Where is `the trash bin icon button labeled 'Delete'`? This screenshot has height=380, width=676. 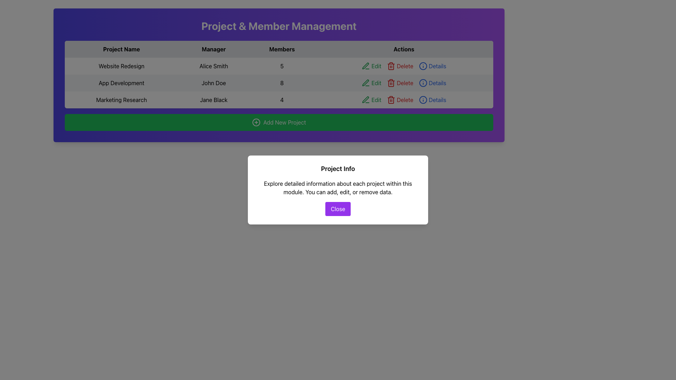 the trash bin icon button labeled 'Delete' is located at coordinates (391, 66).